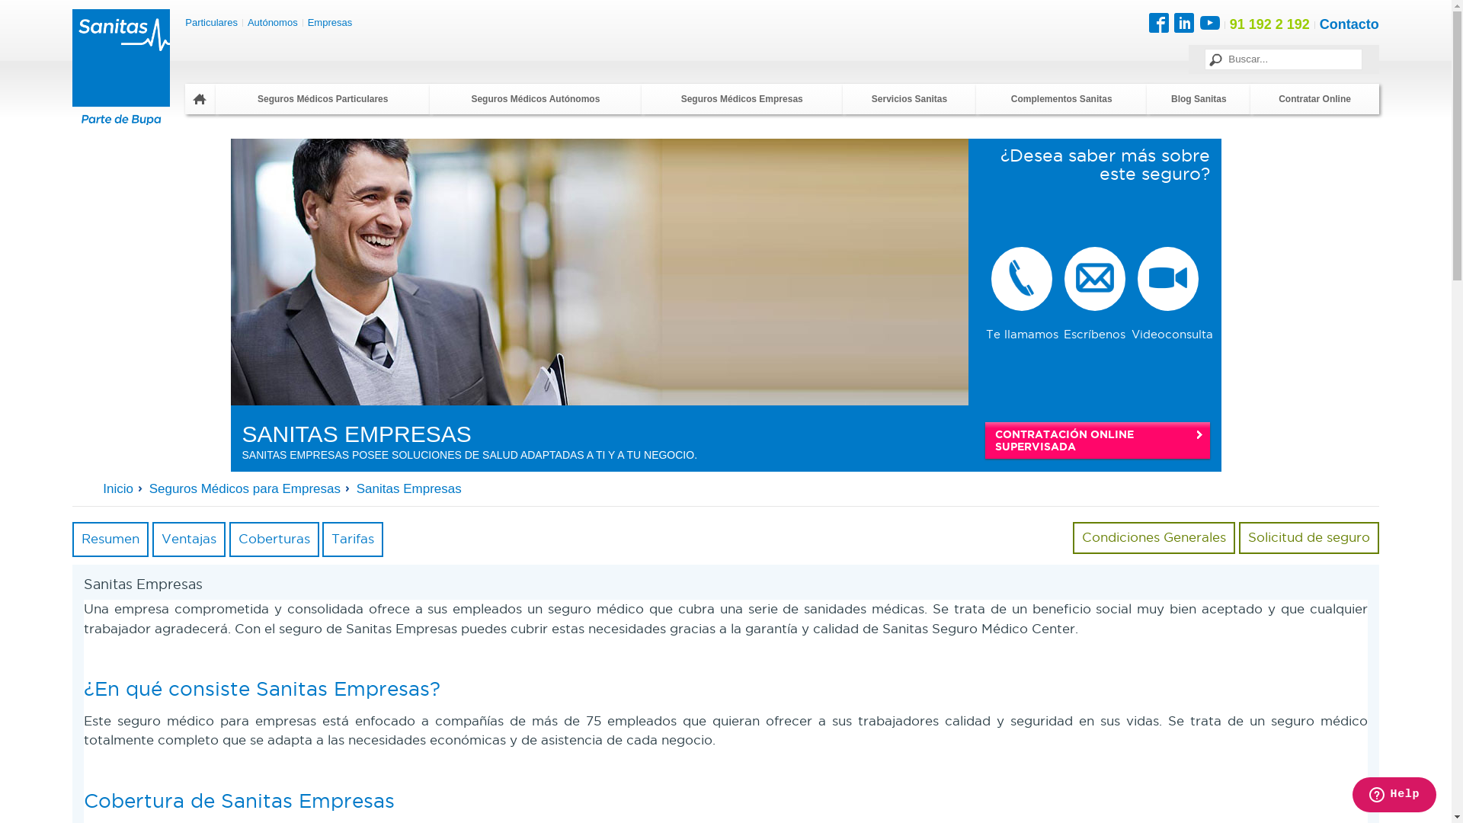 The width and height of the screenshot is (1463, 823). I want to click on 'Ventajas', so click(188, 539).